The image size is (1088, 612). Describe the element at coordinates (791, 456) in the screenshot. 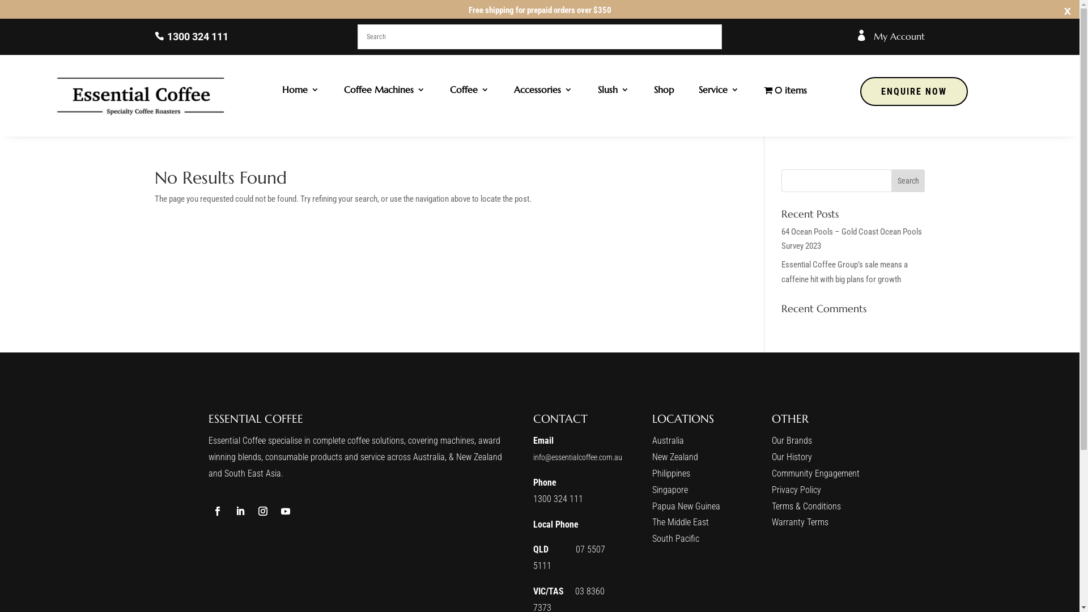

I see `'Our History'` at that location.